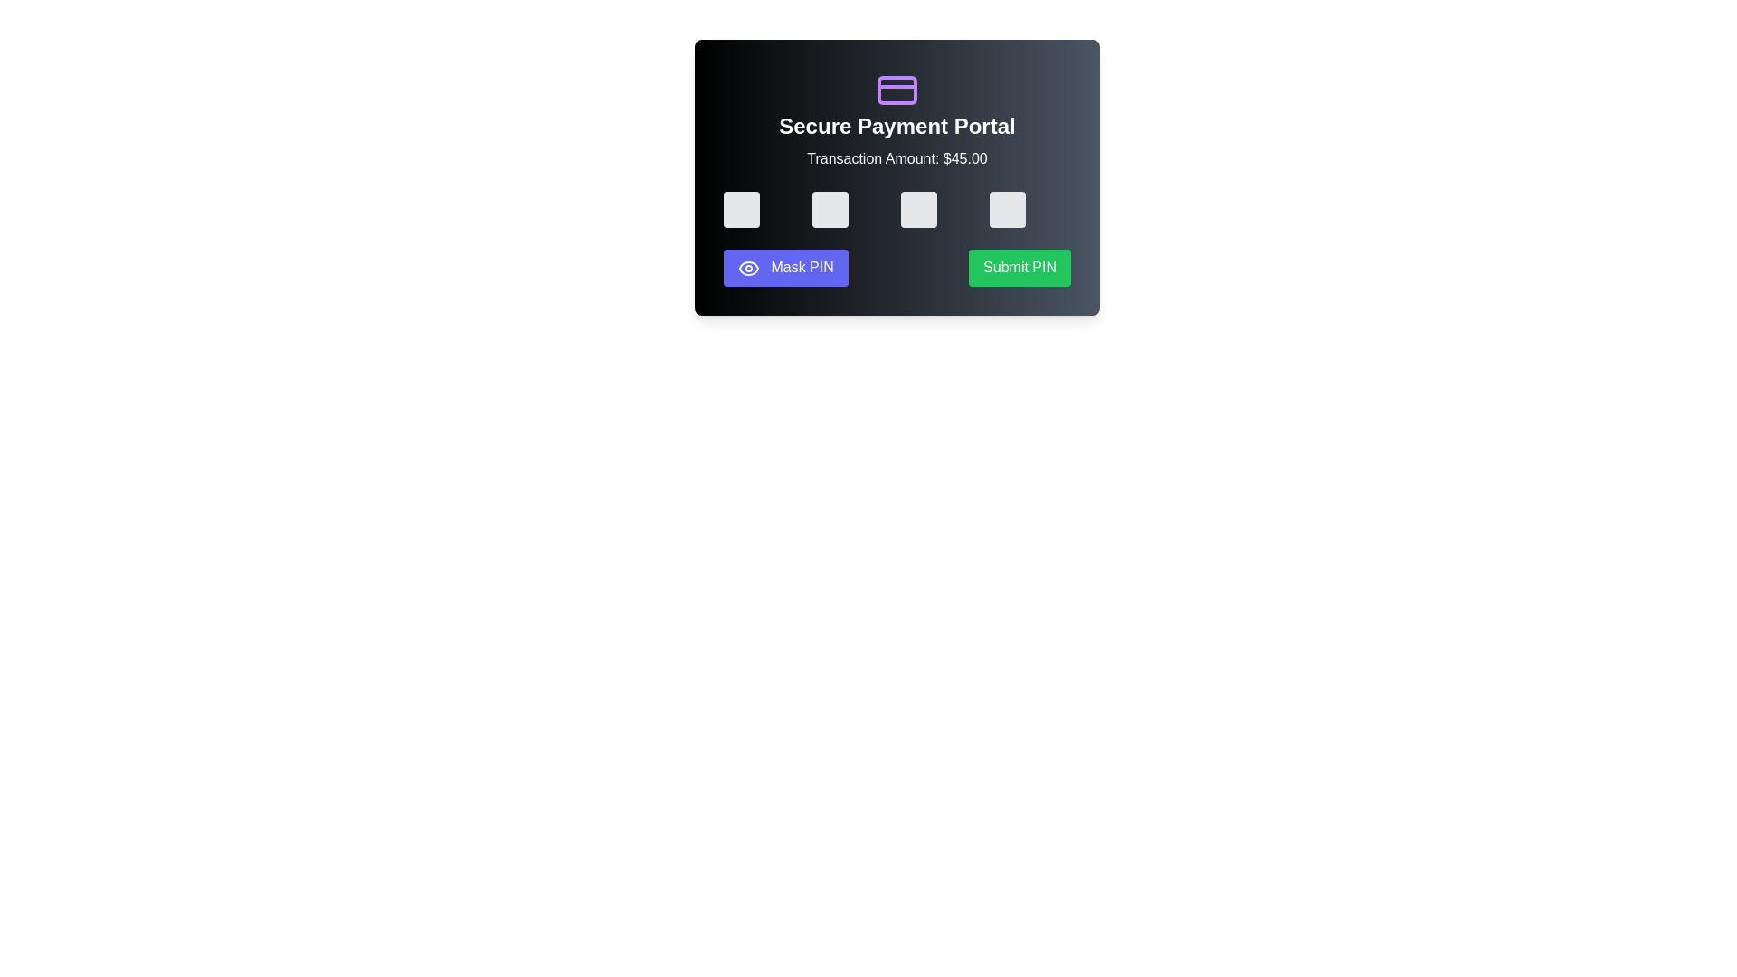 This screenshot has width=1737, height=977. I want to click on the text label displaying 'Transaction Amount: $45.00', which is centrally aligned and styled in white against a dark gray background, located below the heading 'Secure Payment Portal', so click(897, 158).